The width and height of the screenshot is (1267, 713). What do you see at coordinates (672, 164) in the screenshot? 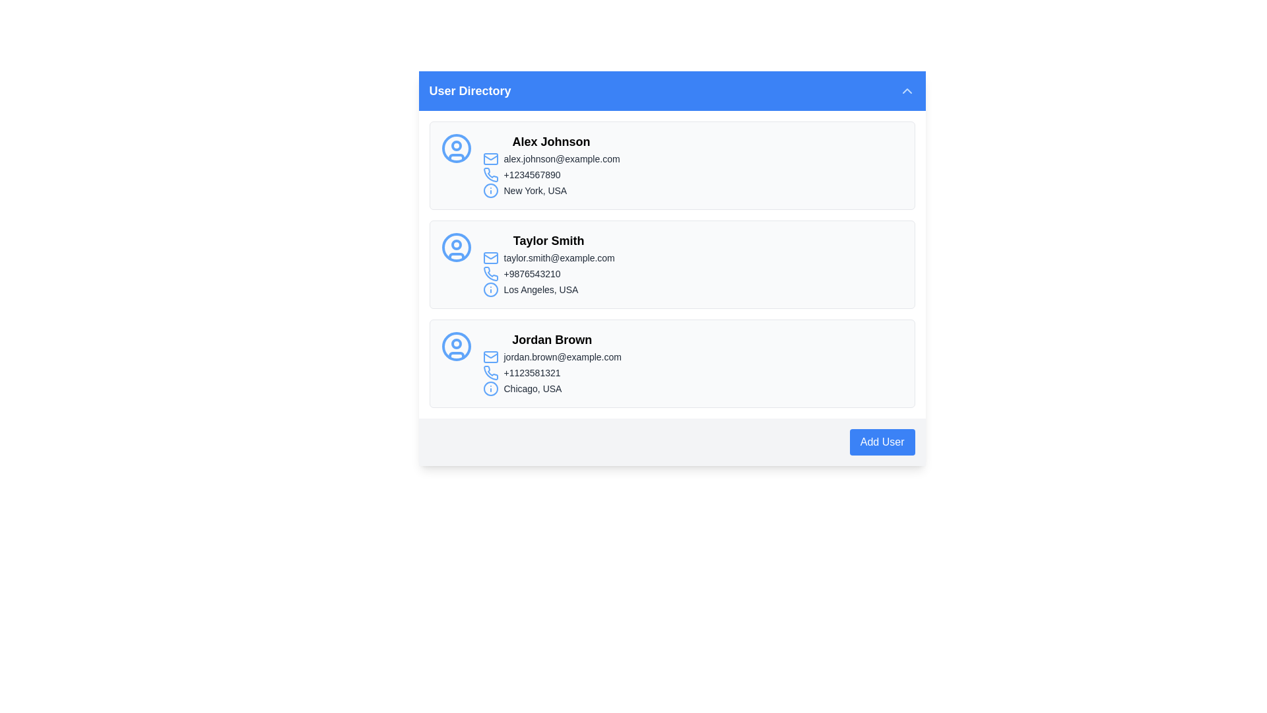
I see `the Information Display Card displaying the user's contact information, which is the first item` at bounding box center [672, 164].